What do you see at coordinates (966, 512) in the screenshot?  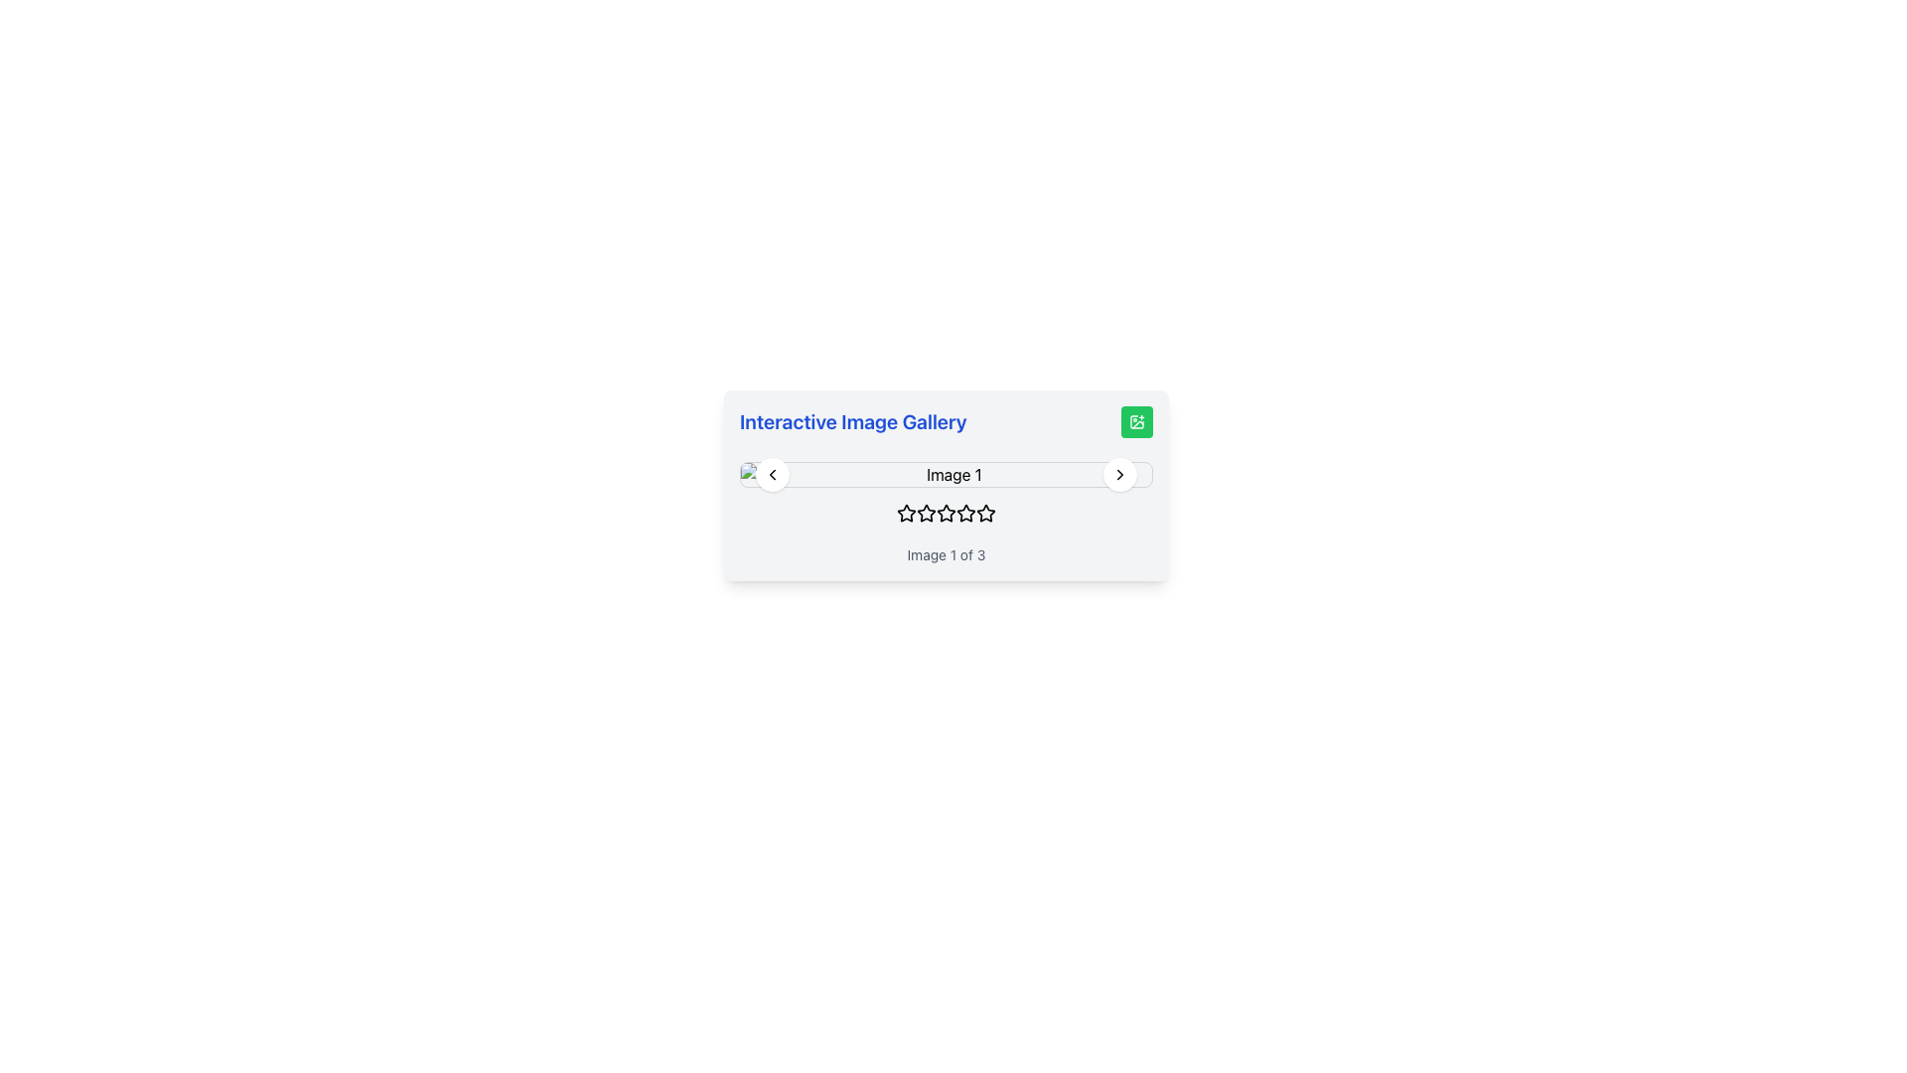 I see `the fifth star-shaped icon in the horizontal row to rate it` at bounding box center [966, 512].